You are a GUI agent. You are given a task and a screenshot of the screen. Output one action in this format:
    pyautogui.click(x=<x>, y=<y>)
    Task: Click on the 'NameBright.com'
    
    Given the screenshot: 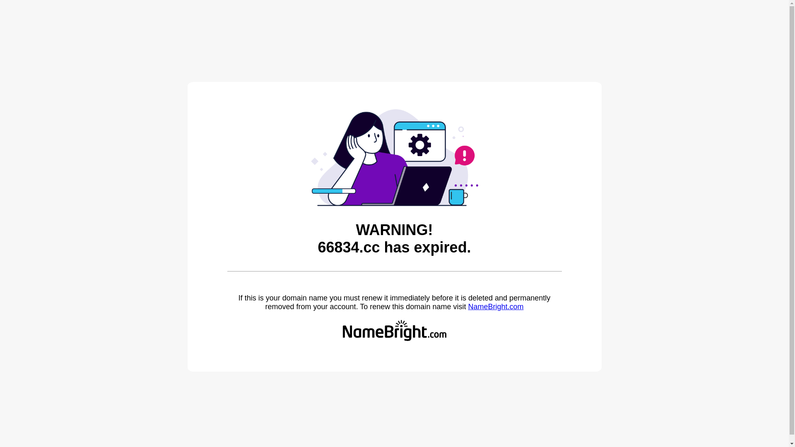 What is the action you would take?
    pyautogui.click(x=495, y=306)
    